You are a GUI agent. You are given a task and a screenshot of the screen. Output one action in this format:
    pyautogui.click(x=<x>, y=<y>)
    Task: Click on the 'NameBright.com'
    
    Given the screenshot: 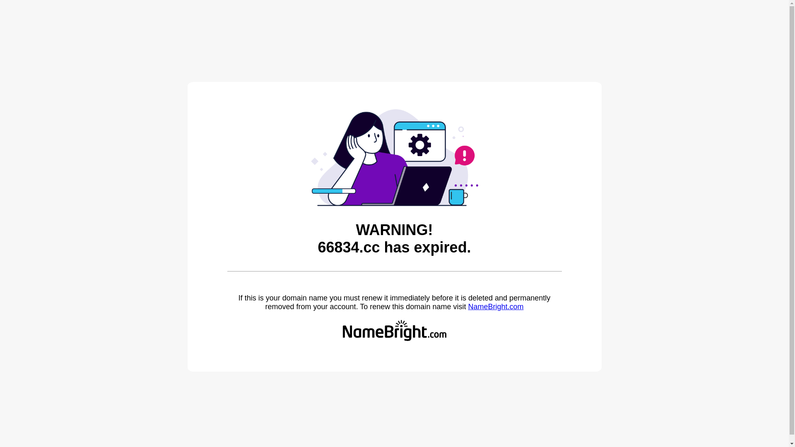 What is the action you would take?
    pyautogui.click(x=495, y=306)
    